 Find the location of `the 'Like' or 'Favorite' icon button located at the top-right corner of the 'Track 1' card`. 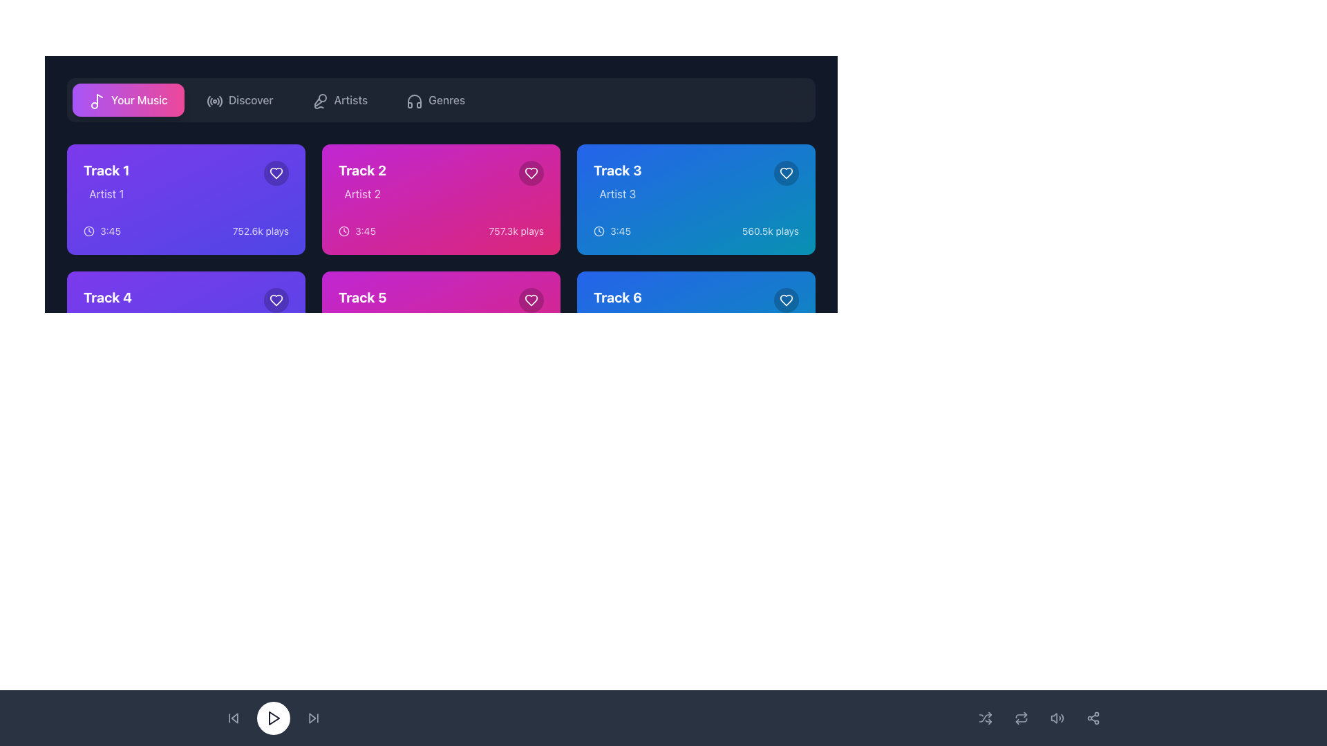

the 'Like' or 'Favorite' icon button located at the top-right corner of the 'Track 1' card is located at coordinates (276, 300).